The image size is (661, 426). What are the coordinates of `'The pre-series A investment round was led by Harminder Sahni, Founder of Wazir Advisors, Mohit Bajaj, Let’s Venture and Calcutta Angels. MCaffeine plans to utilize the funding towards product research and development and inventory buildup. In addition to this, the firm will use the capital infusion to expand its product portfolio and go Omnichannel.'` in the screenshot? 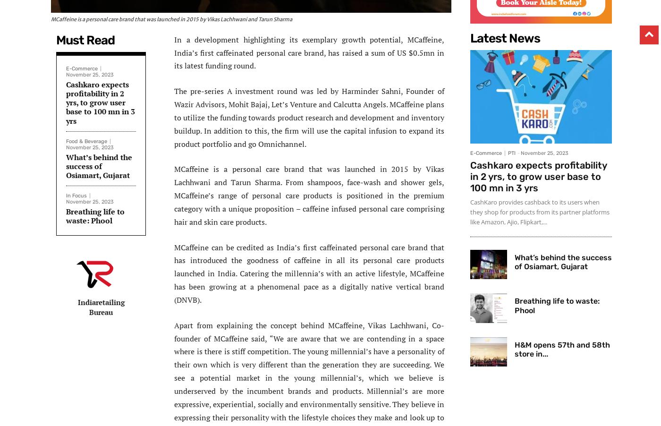 It's located at (309, 117).